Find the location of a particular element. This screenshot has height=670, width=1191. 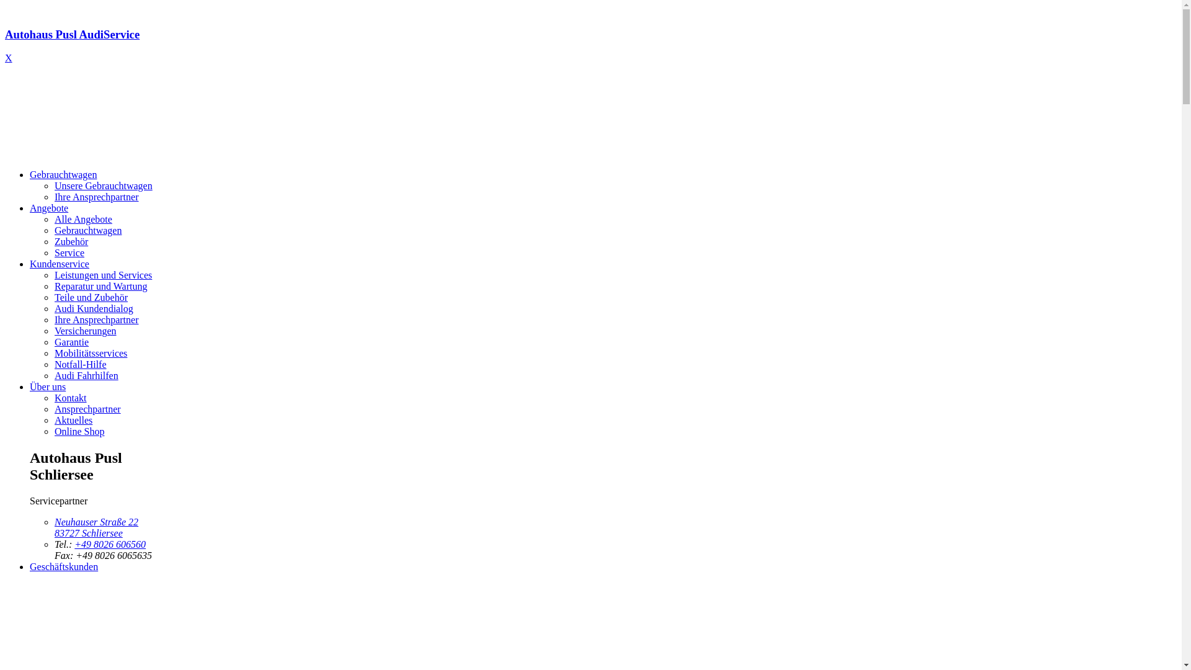

'+49 8026 606560' is located at coordinates (110, 543).